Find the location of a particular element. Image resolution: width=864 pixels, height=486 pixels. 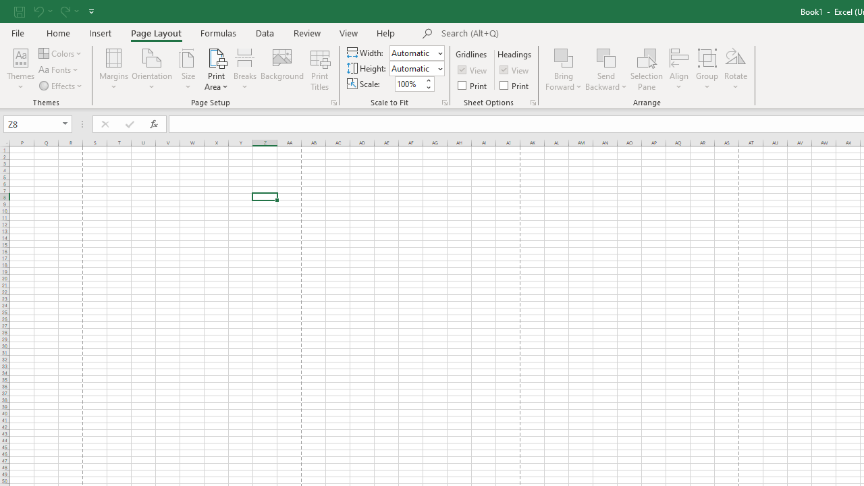

'Height' is located at coordinates (412, 68).